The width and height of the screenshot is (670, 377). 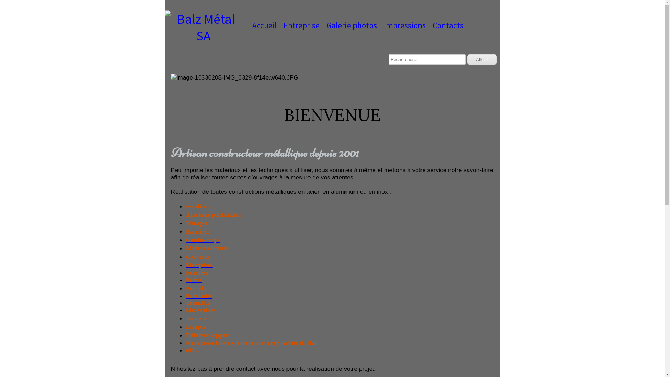 I want to click on 'Gardes-corps', so click(x=202, y=239).